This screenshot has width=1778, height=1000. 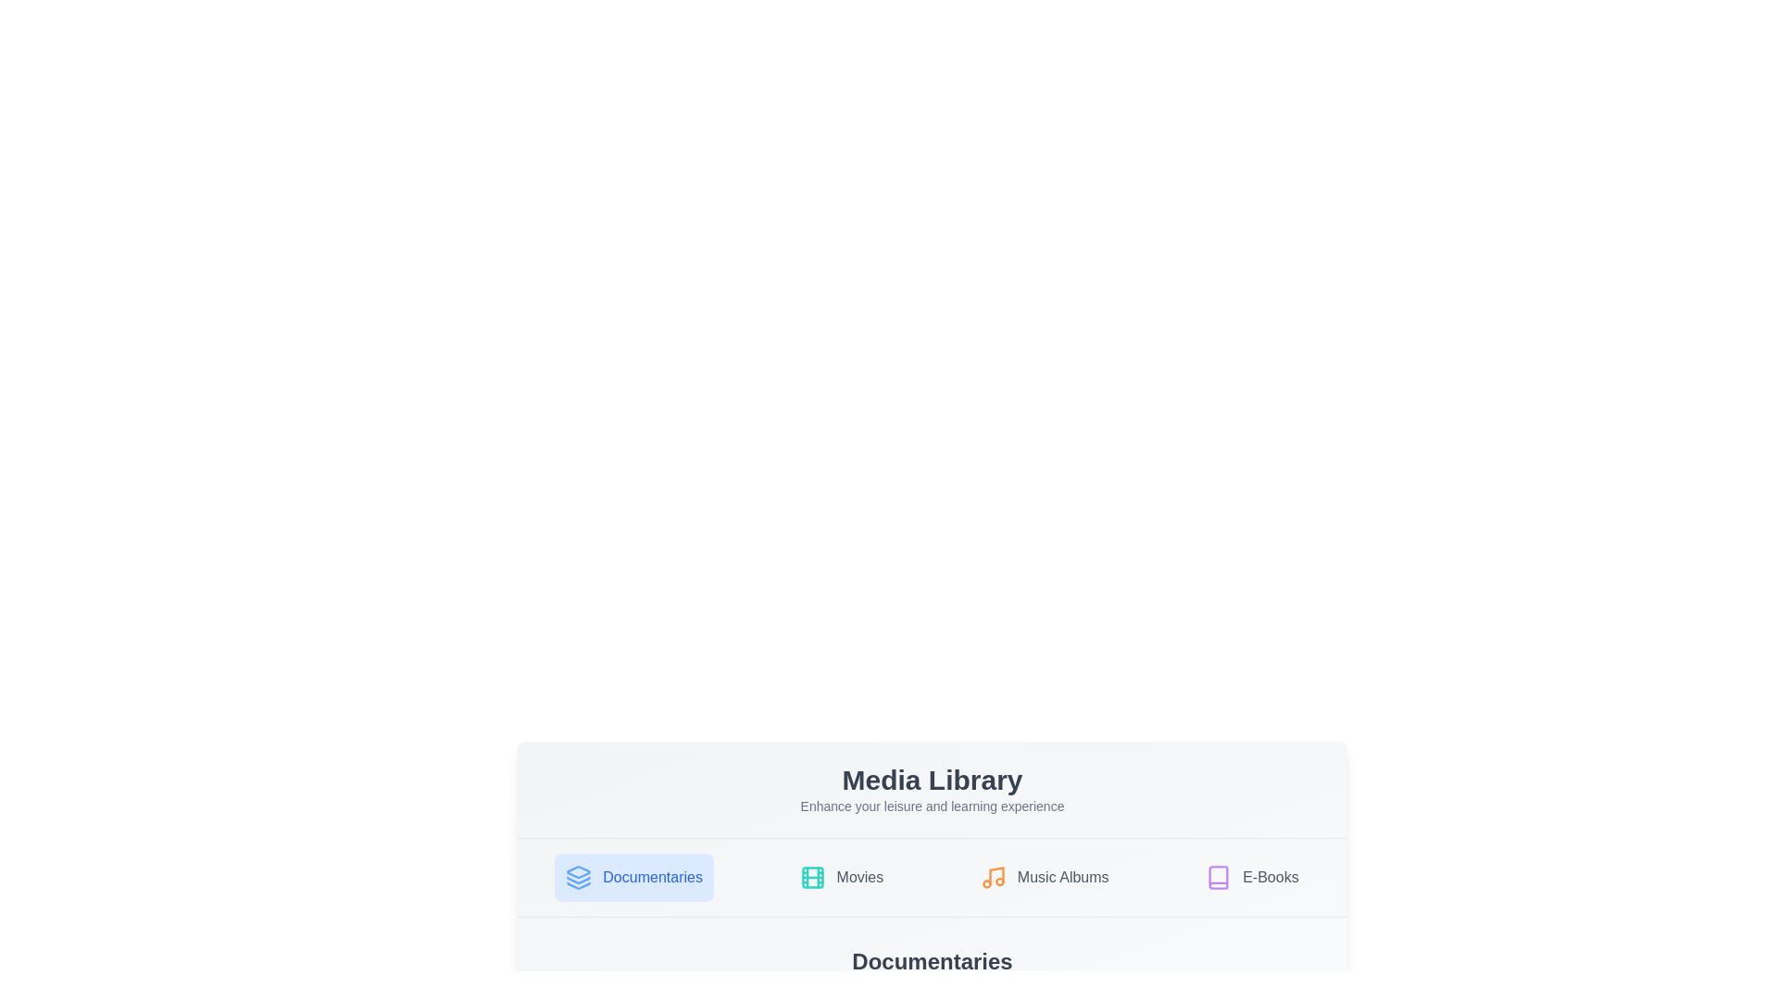 What do you see at coordinates (1045, 877) in the screenshot?
I see `the tab labeled Music Albums` at bounding box center [1045, 877].